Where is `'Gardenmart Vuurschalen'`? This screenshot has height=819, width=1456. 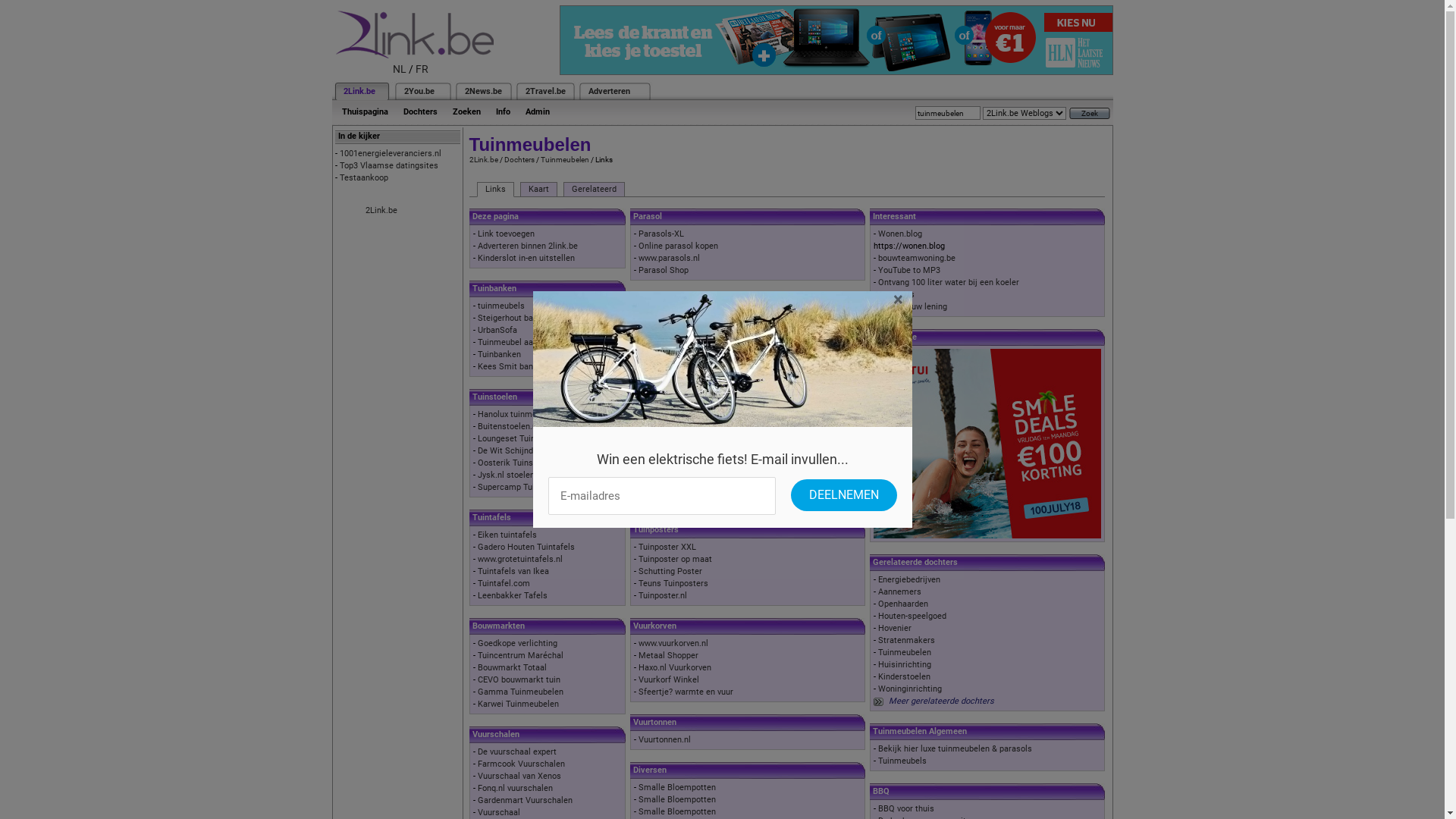
'Gardenmart Vuurschalen' is located at coordinates (476, 799).